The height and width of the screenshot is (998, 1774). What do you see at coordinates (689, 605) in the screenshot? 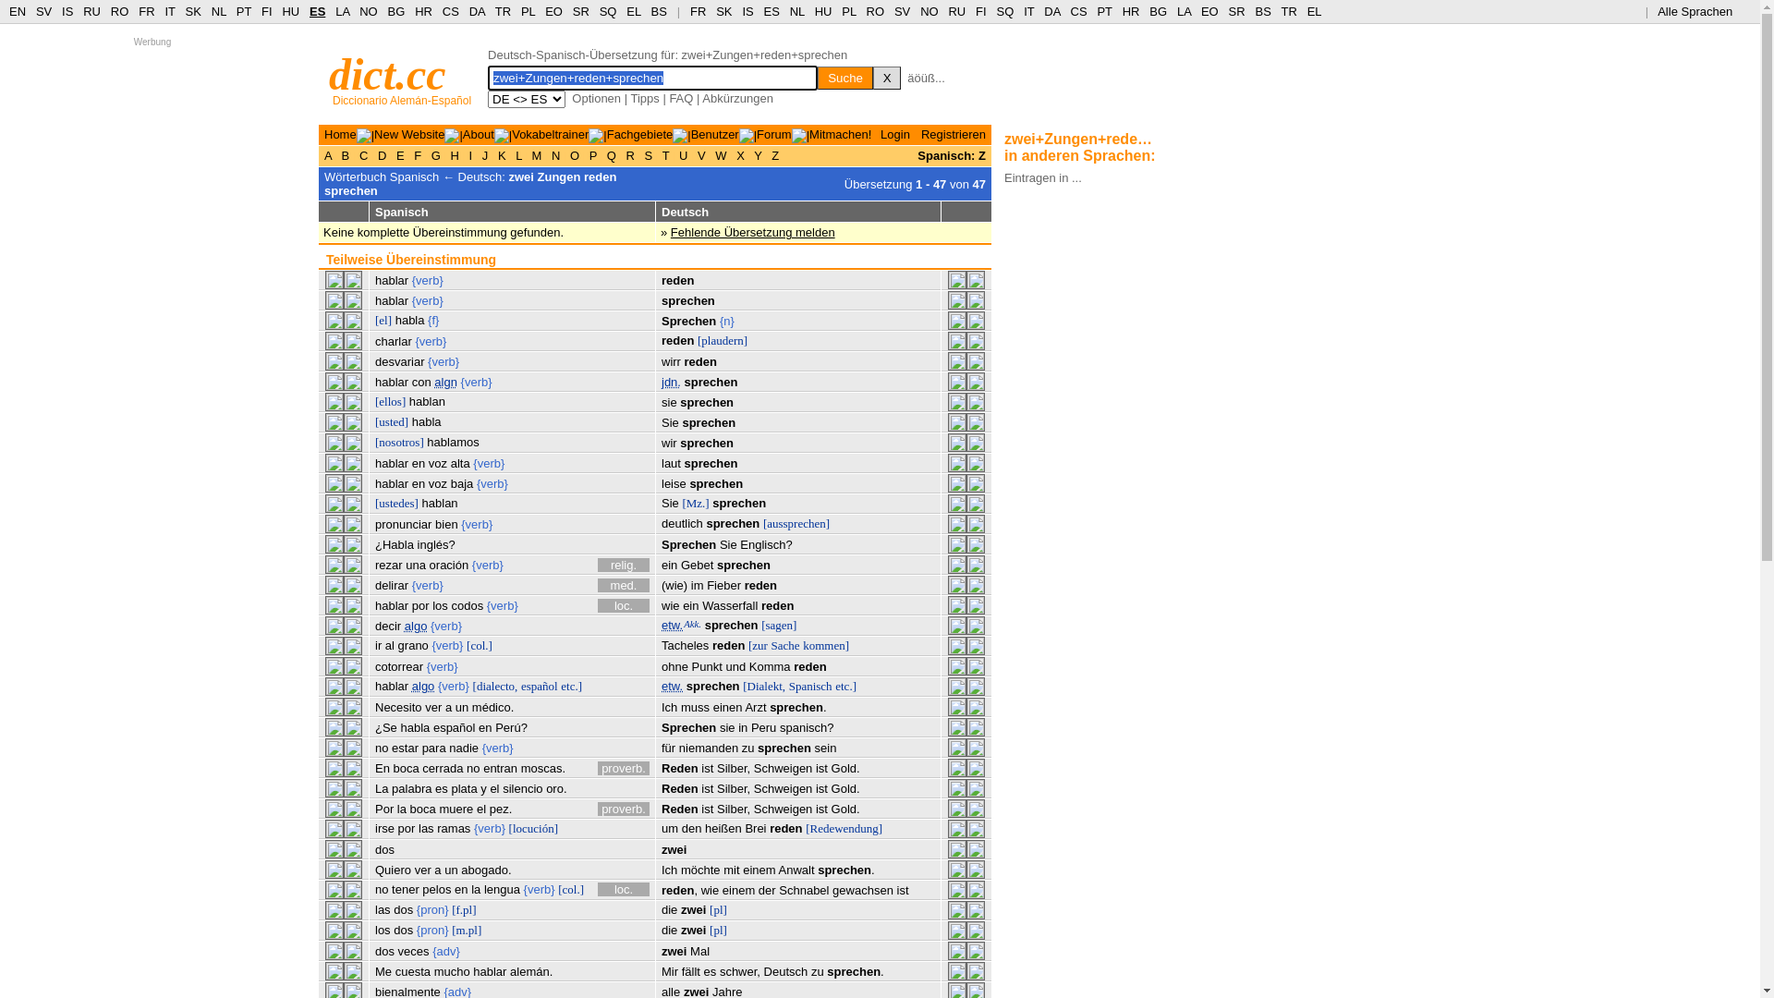
I see `'ein'` at bounding box center [689, 605].